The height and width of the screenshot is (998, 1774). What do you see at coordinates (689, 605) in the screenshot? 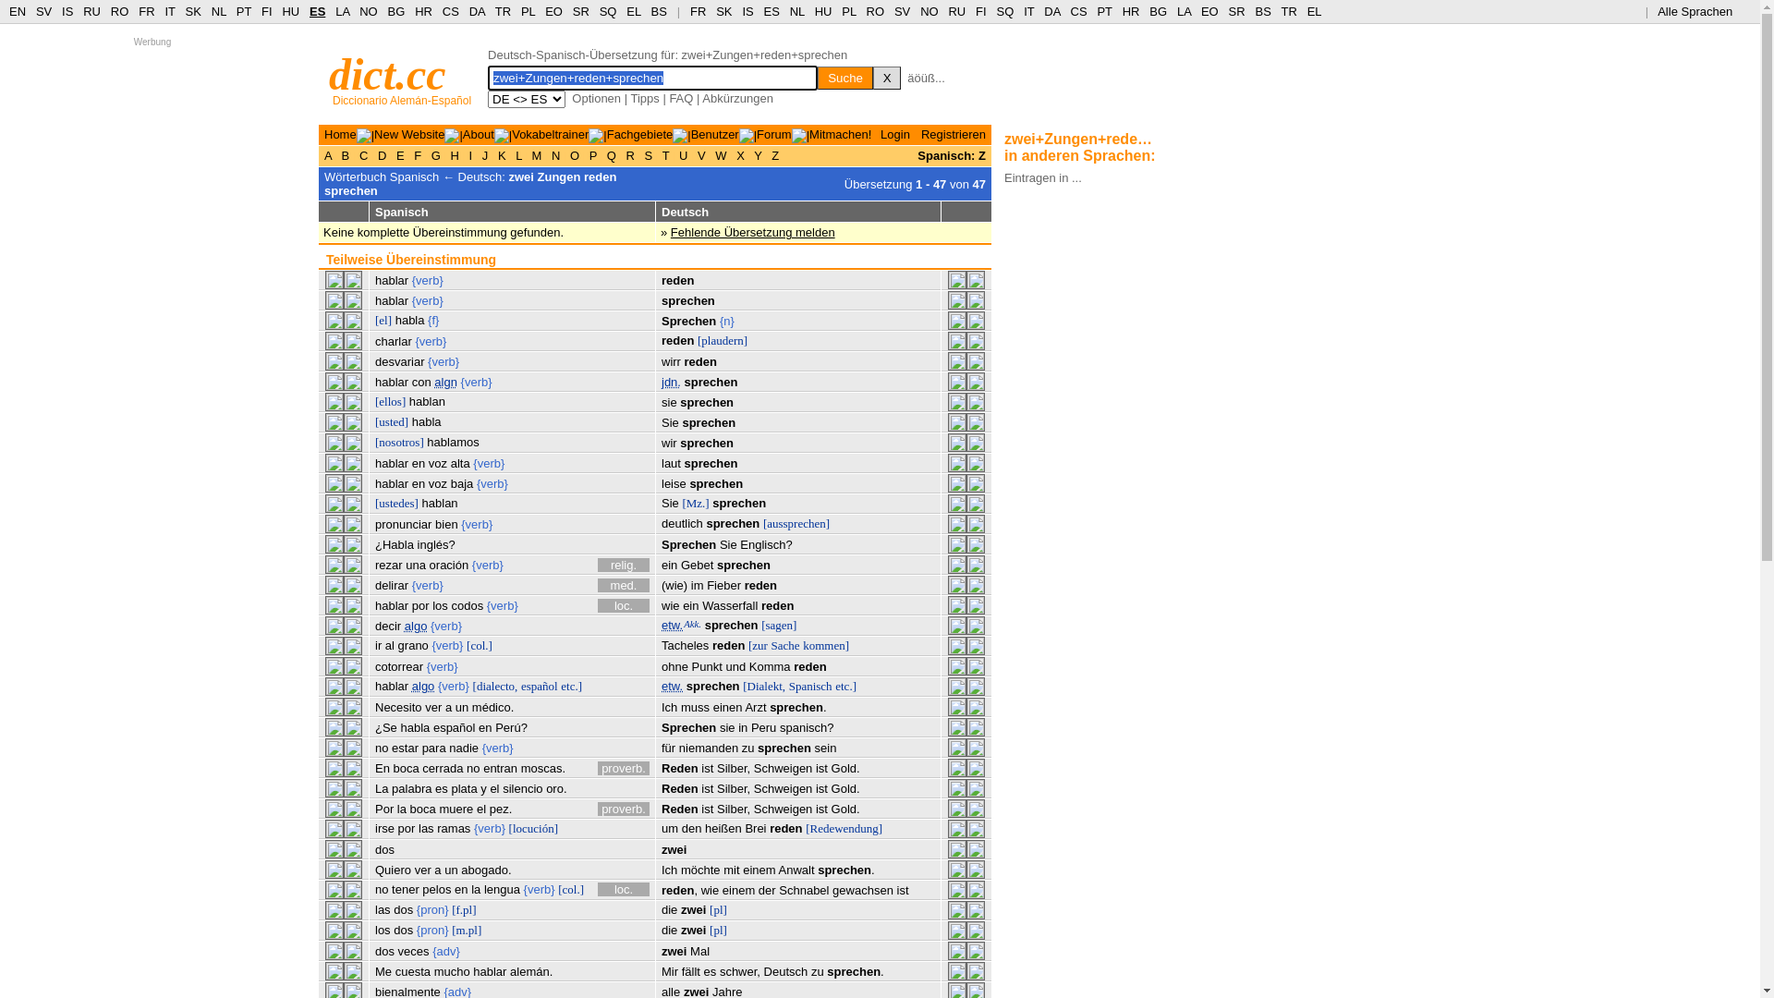
I see `'ein'` at bounding box center [689, 605].